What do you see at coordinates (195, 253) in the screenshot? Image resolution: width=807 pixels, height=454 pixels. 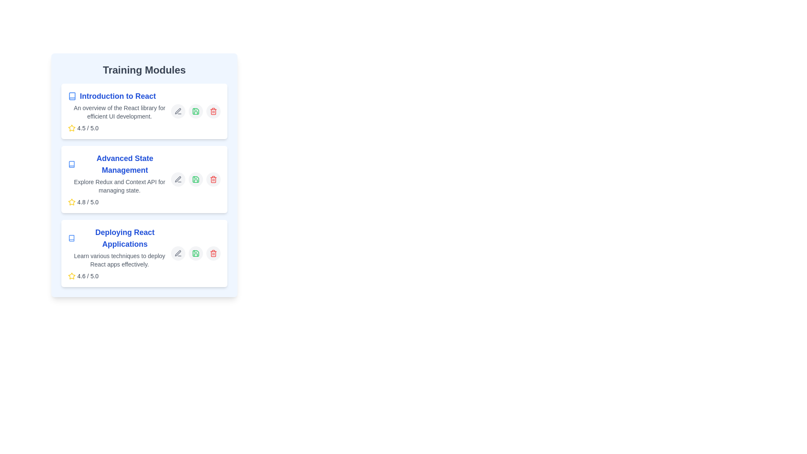 I see `the green document-like icon button in the action area of the 'Deploying React Applications' card` at bounding box center [195, 253].